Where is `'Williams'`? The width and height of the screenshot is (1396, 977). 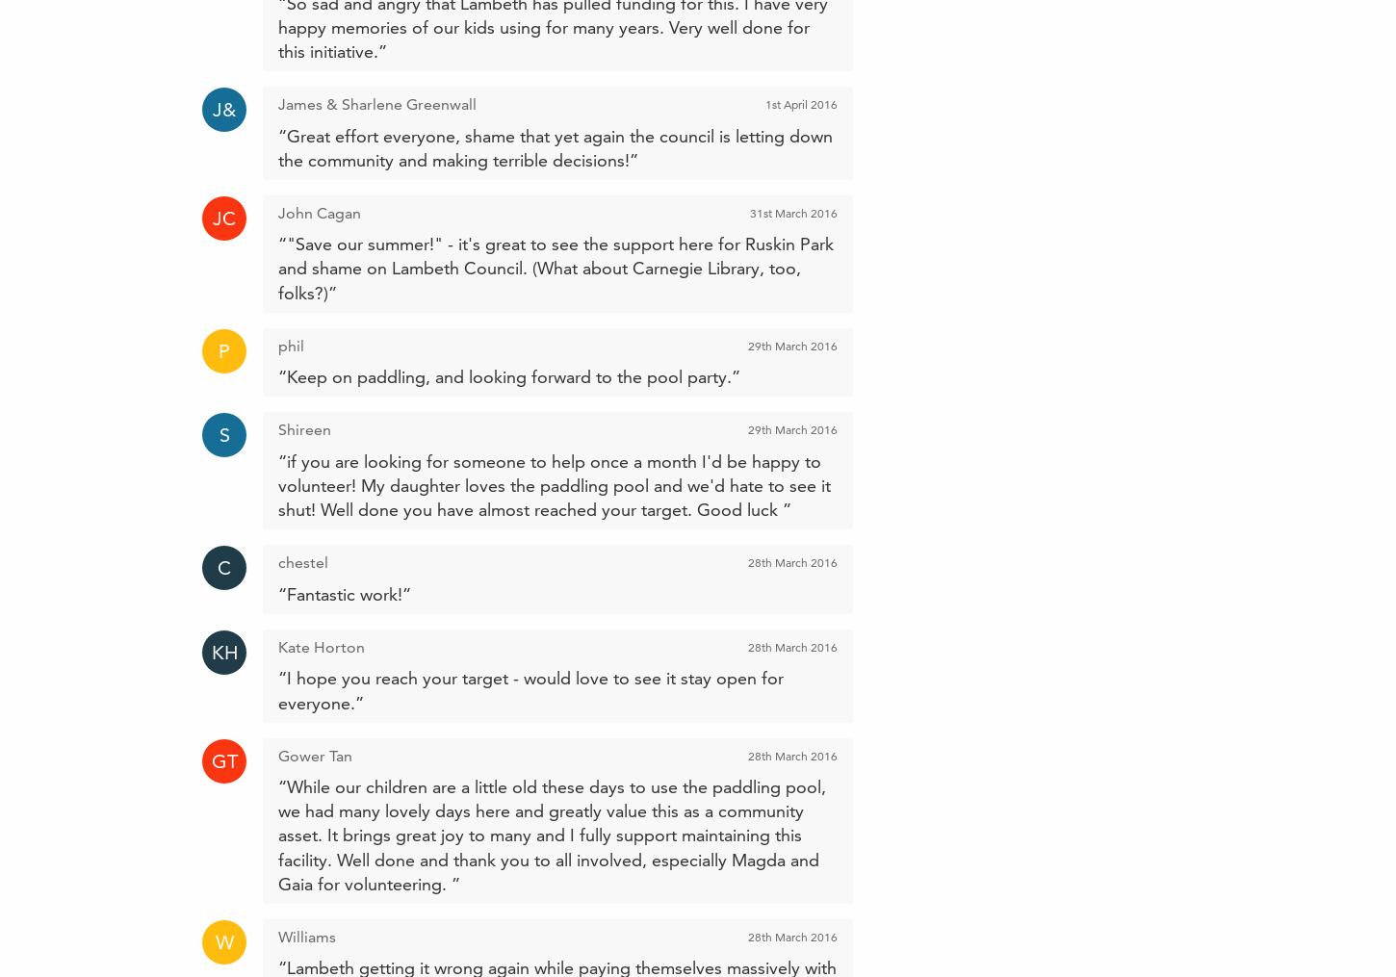 'Williams' is located at coordinates (307, 937).